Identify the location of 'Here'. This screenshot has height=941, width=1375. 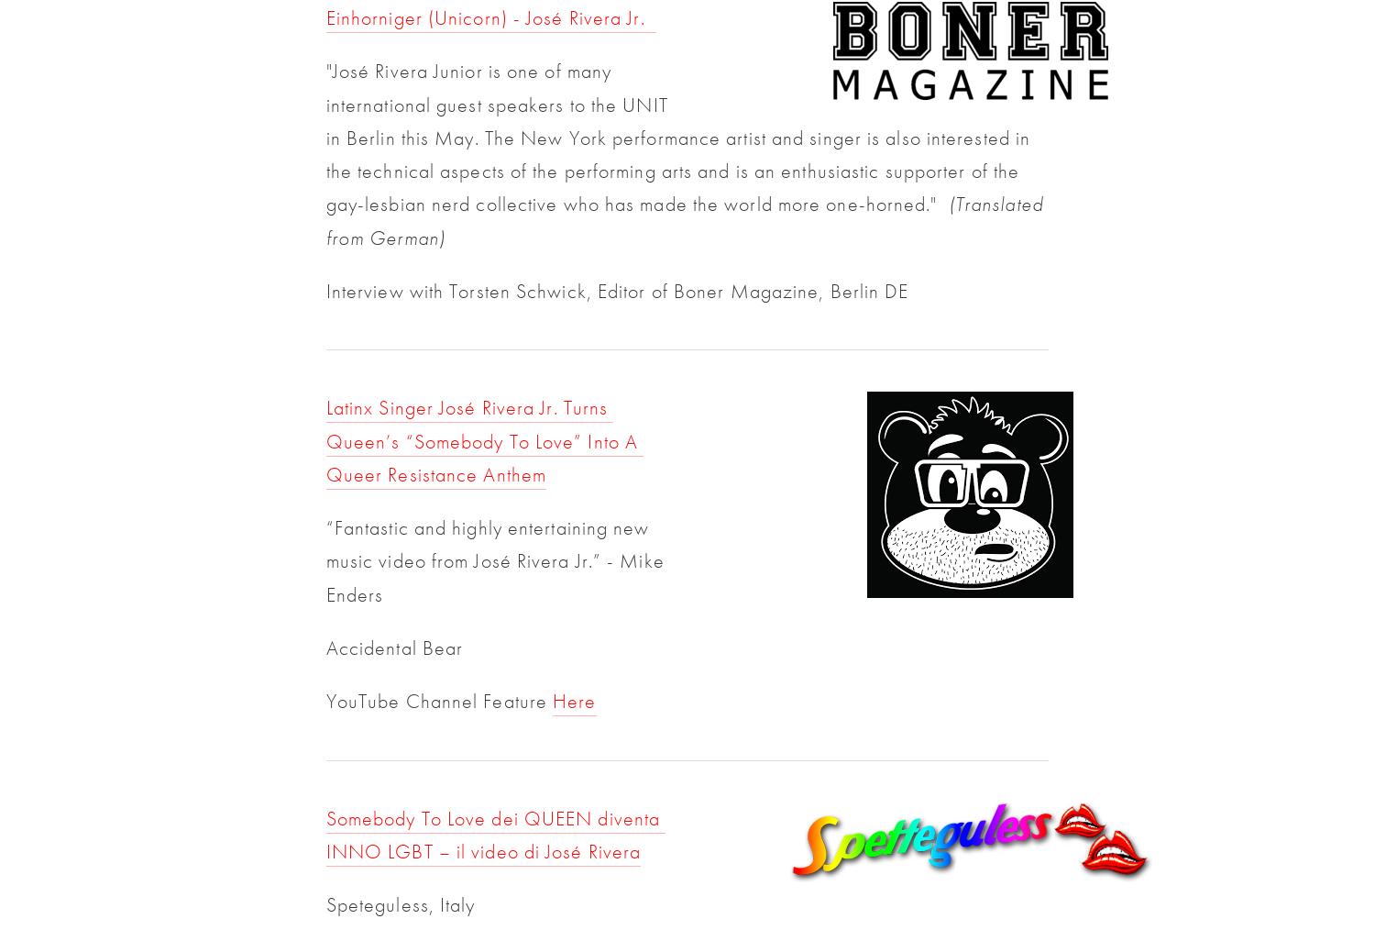
(574, 701).